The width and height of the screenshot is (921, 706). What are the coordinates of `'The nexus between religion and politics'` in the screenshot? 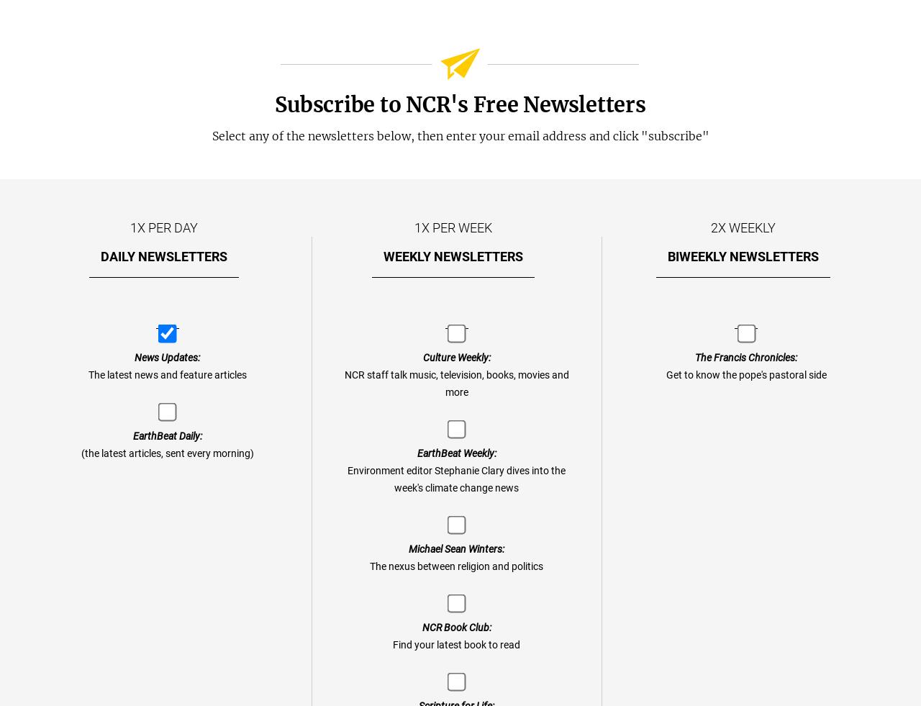 It's located at (455, 566).